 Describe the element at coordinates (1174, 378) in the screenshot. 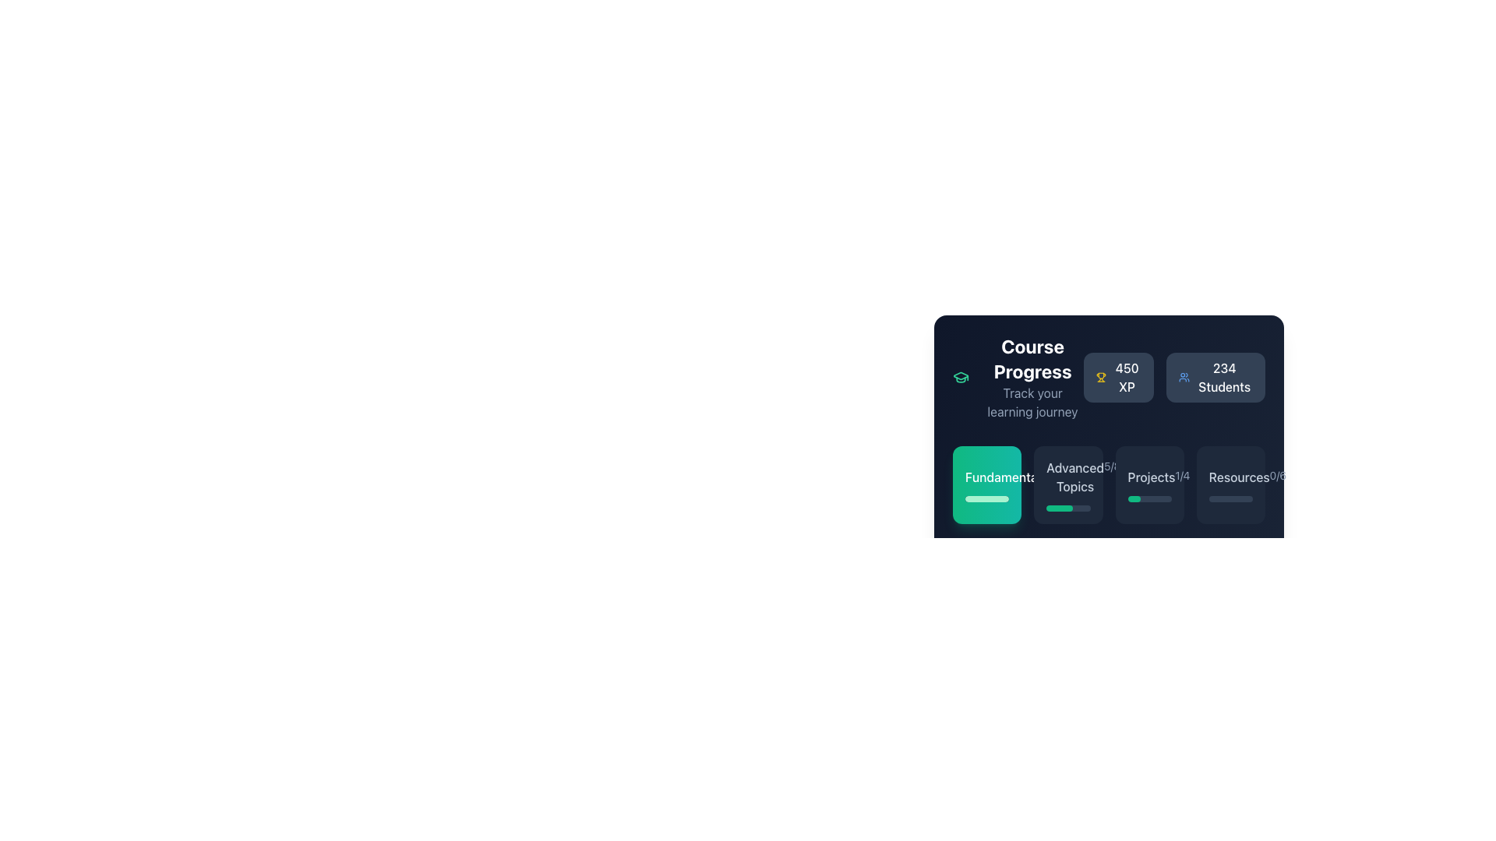

I see `the Information panel in the top-right part of the course progress card that displays '450 XP' and '234 Students'` at that location.